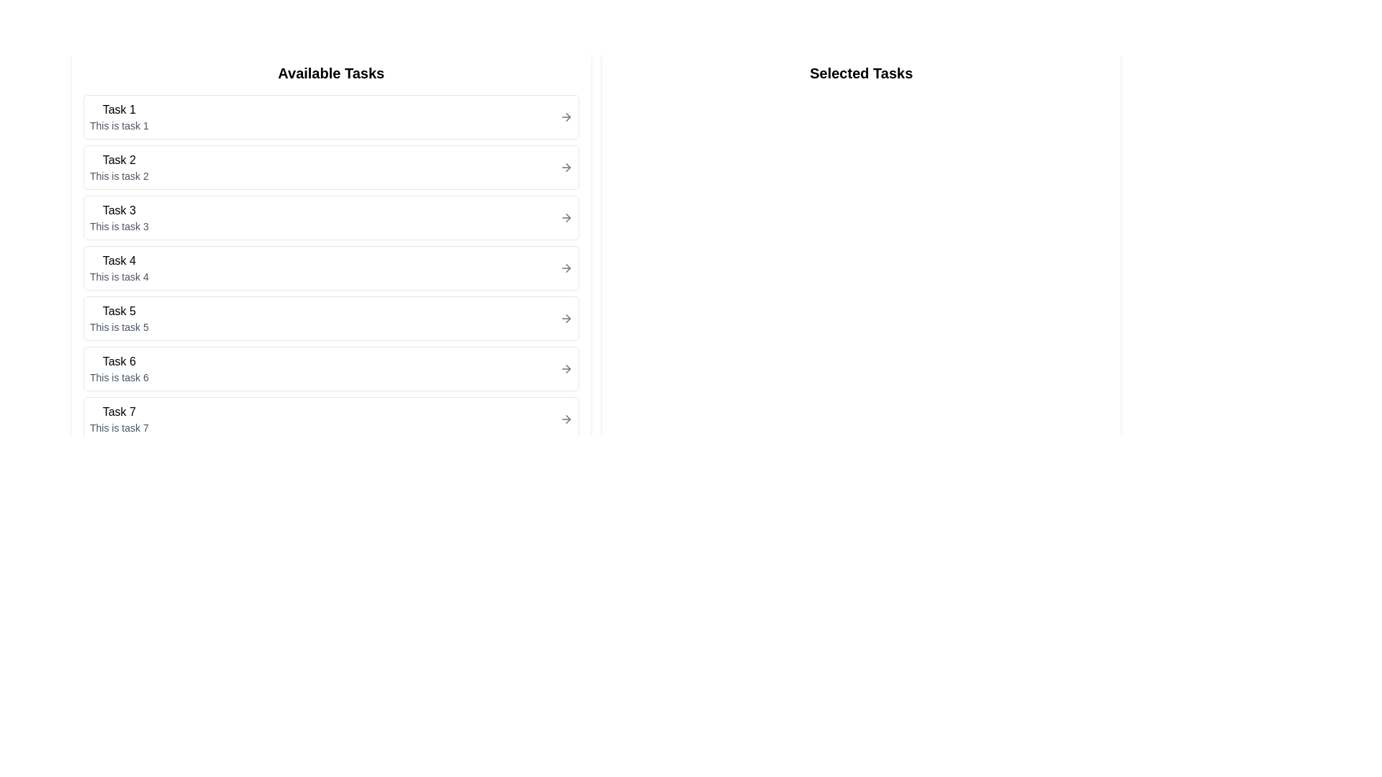 Image resolution: width=1382 pixels, height=777 pixels. Describe the element at coordinates (565, 318) in the screenshot. I see `the rightward pointing arrow icon within the 'Available Tasks' section, located next to 'Task 5', to observe a visual cue` at that location.